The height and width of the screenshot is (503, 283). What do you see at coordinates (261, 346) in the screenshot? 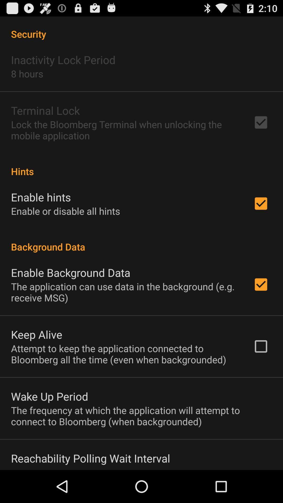
I see `the box which is right hand side of keep alive` at bounding box center [261, 346].